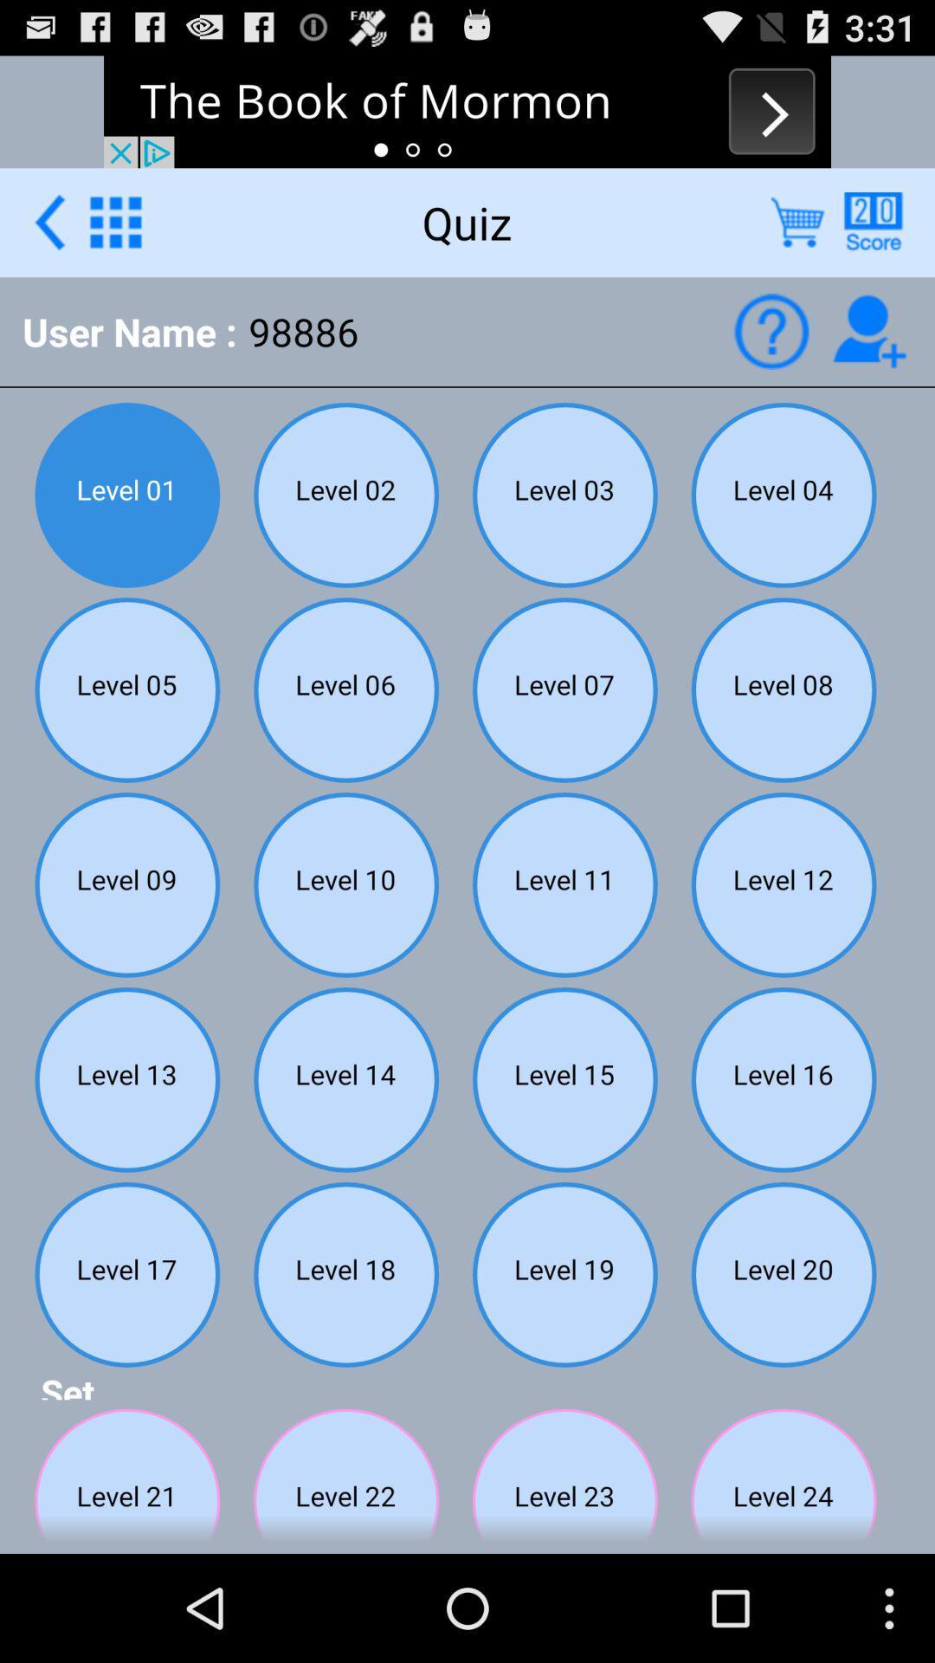 The height and width of the screenshot is (1663, 935). What do you see at coordinates (48, 221) in the screenshot?
I see `back space page` at bounding box center [48, 221].